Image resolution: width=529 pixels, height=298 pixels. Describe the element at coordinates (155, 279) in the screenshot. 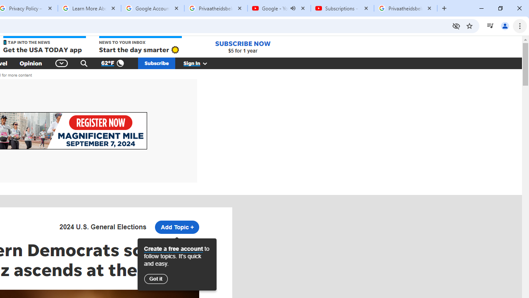

I see `'Got it'` at that location.